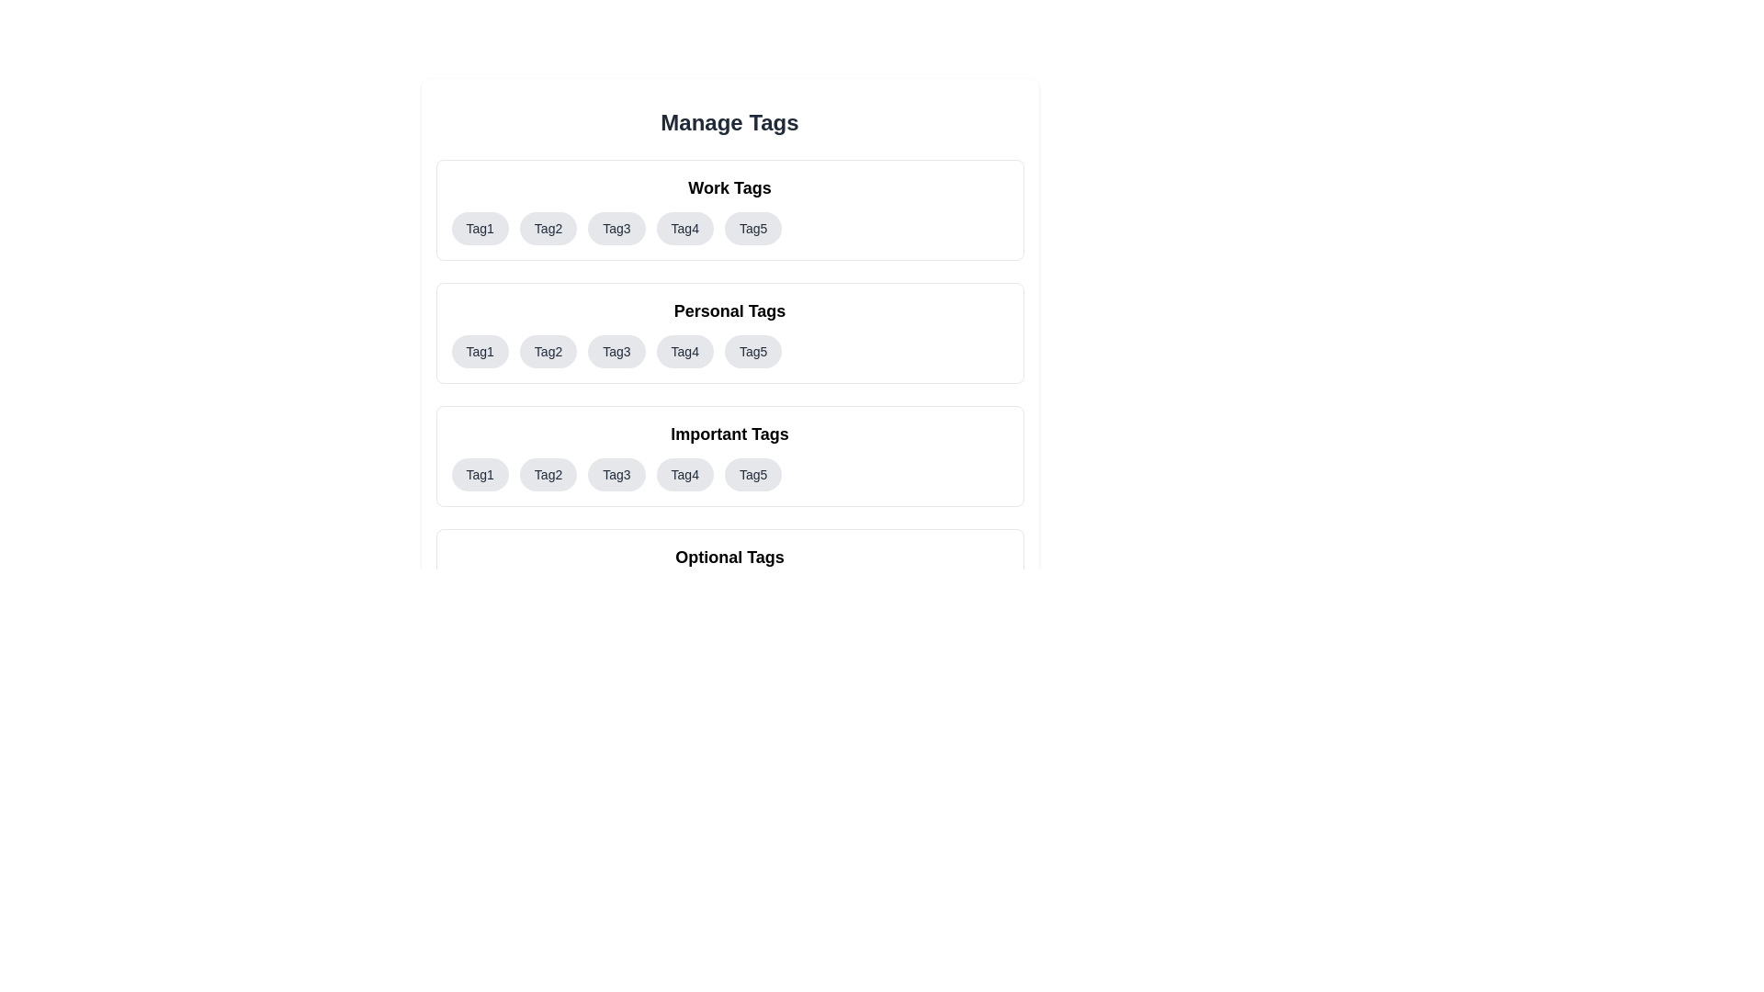 The height and width of the screenshot is (992, 1764). I want to click on the 'Tag5' button, which is a horizontally oval-shaped button with a light gray background and darker gray text, located at the far right of the 'Important Tags' section, so click(753, 473).